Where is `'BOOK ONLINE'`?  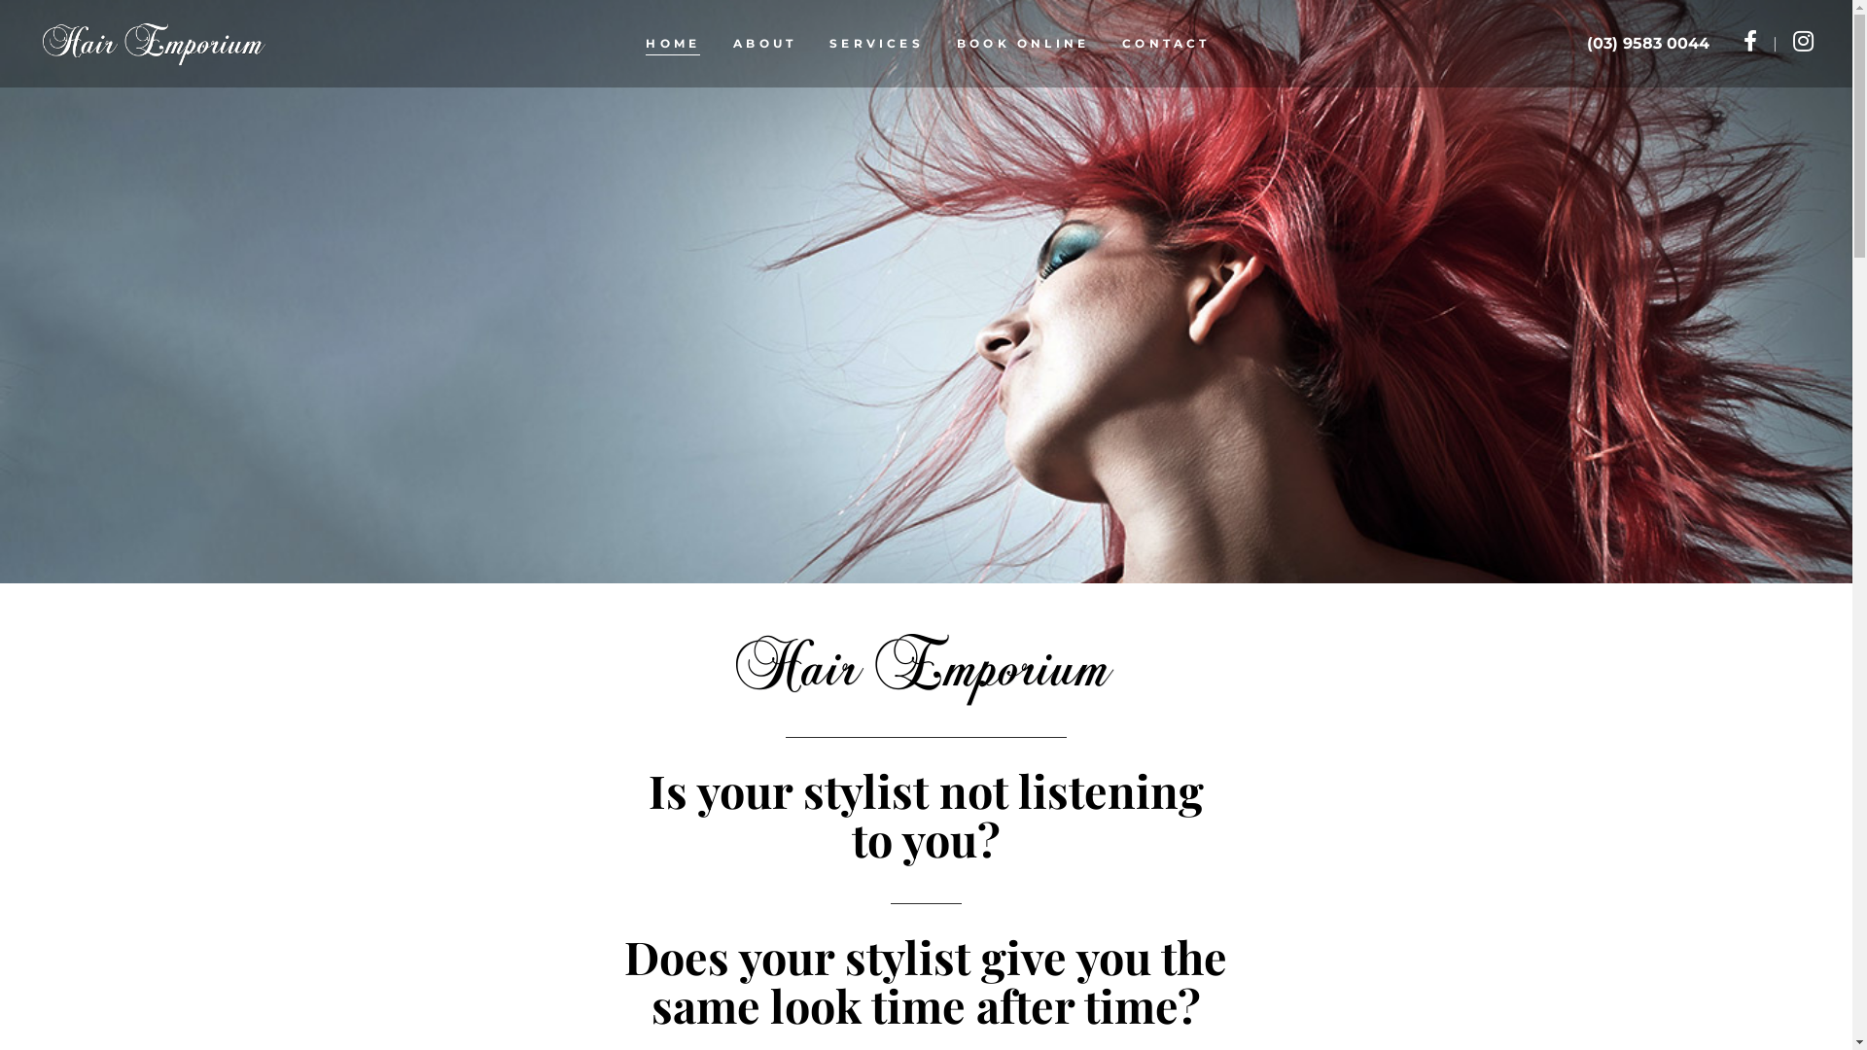 'BOOK ONLINE' is located at coordinates (1021, 44).